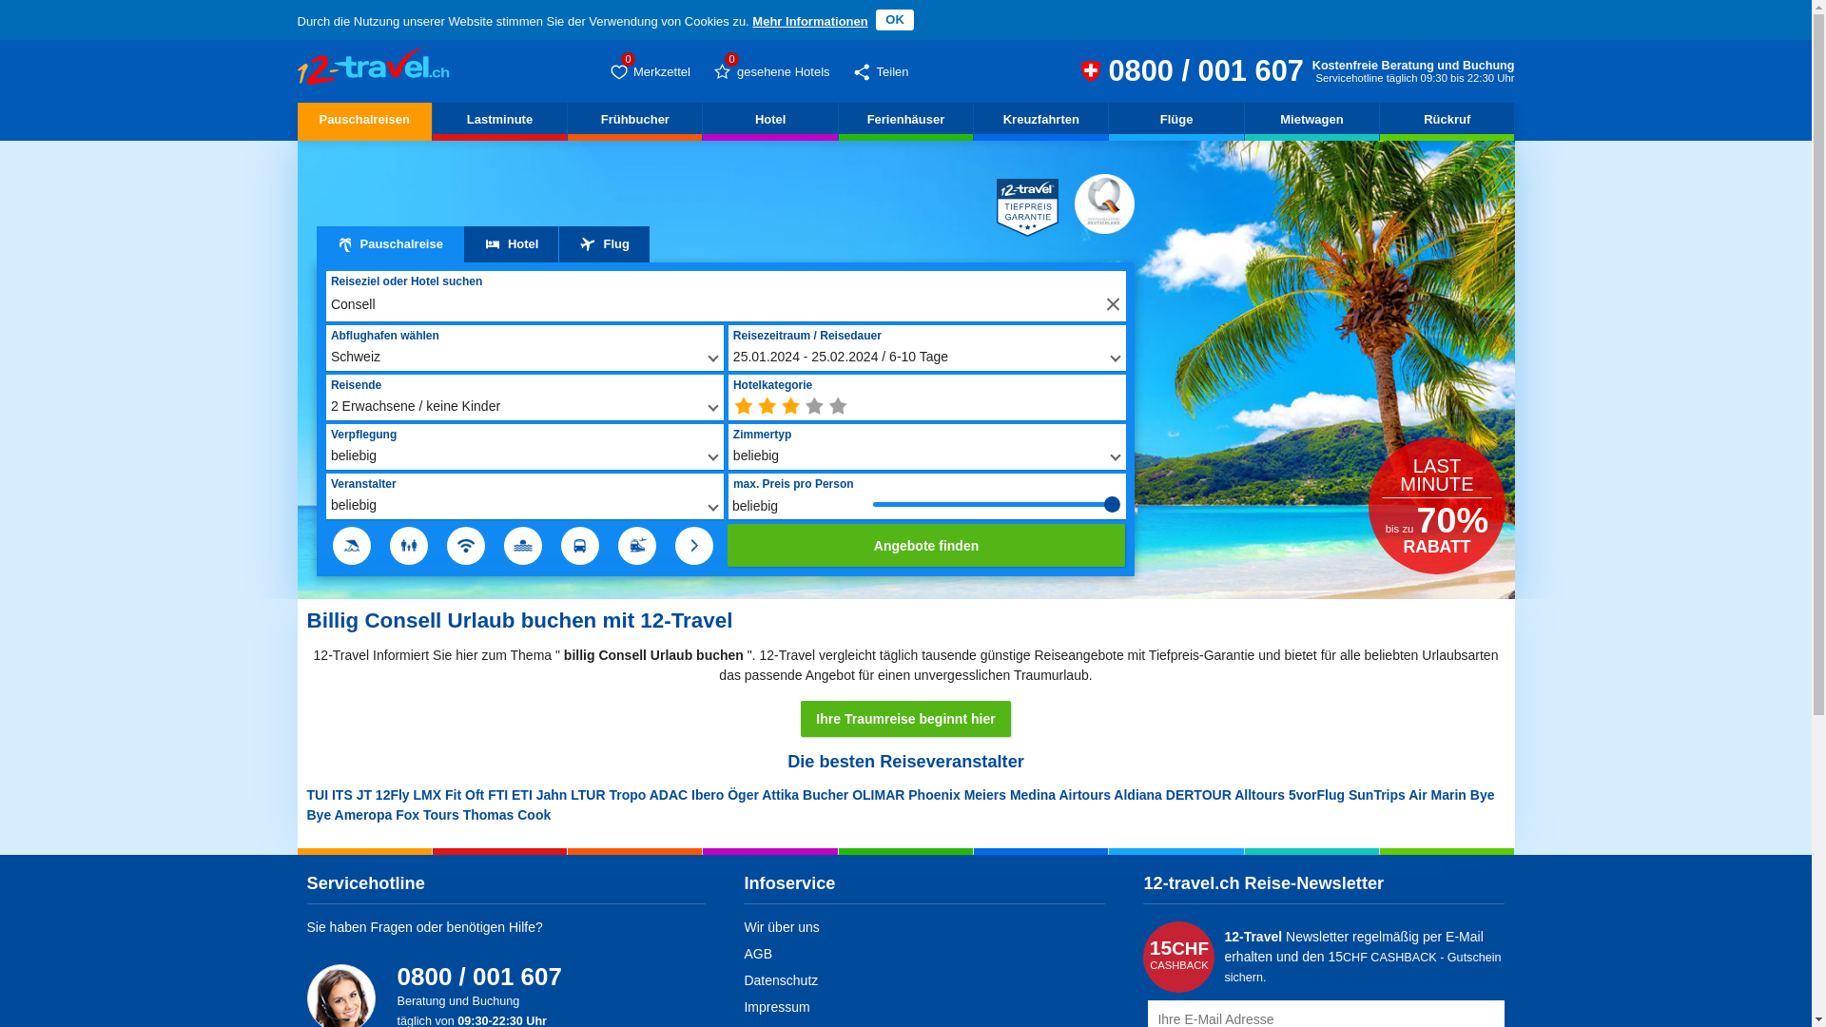 The width and height of the screenshot is (1826, 1027). I want to click on 'Datenschutz', so click(780, 979).